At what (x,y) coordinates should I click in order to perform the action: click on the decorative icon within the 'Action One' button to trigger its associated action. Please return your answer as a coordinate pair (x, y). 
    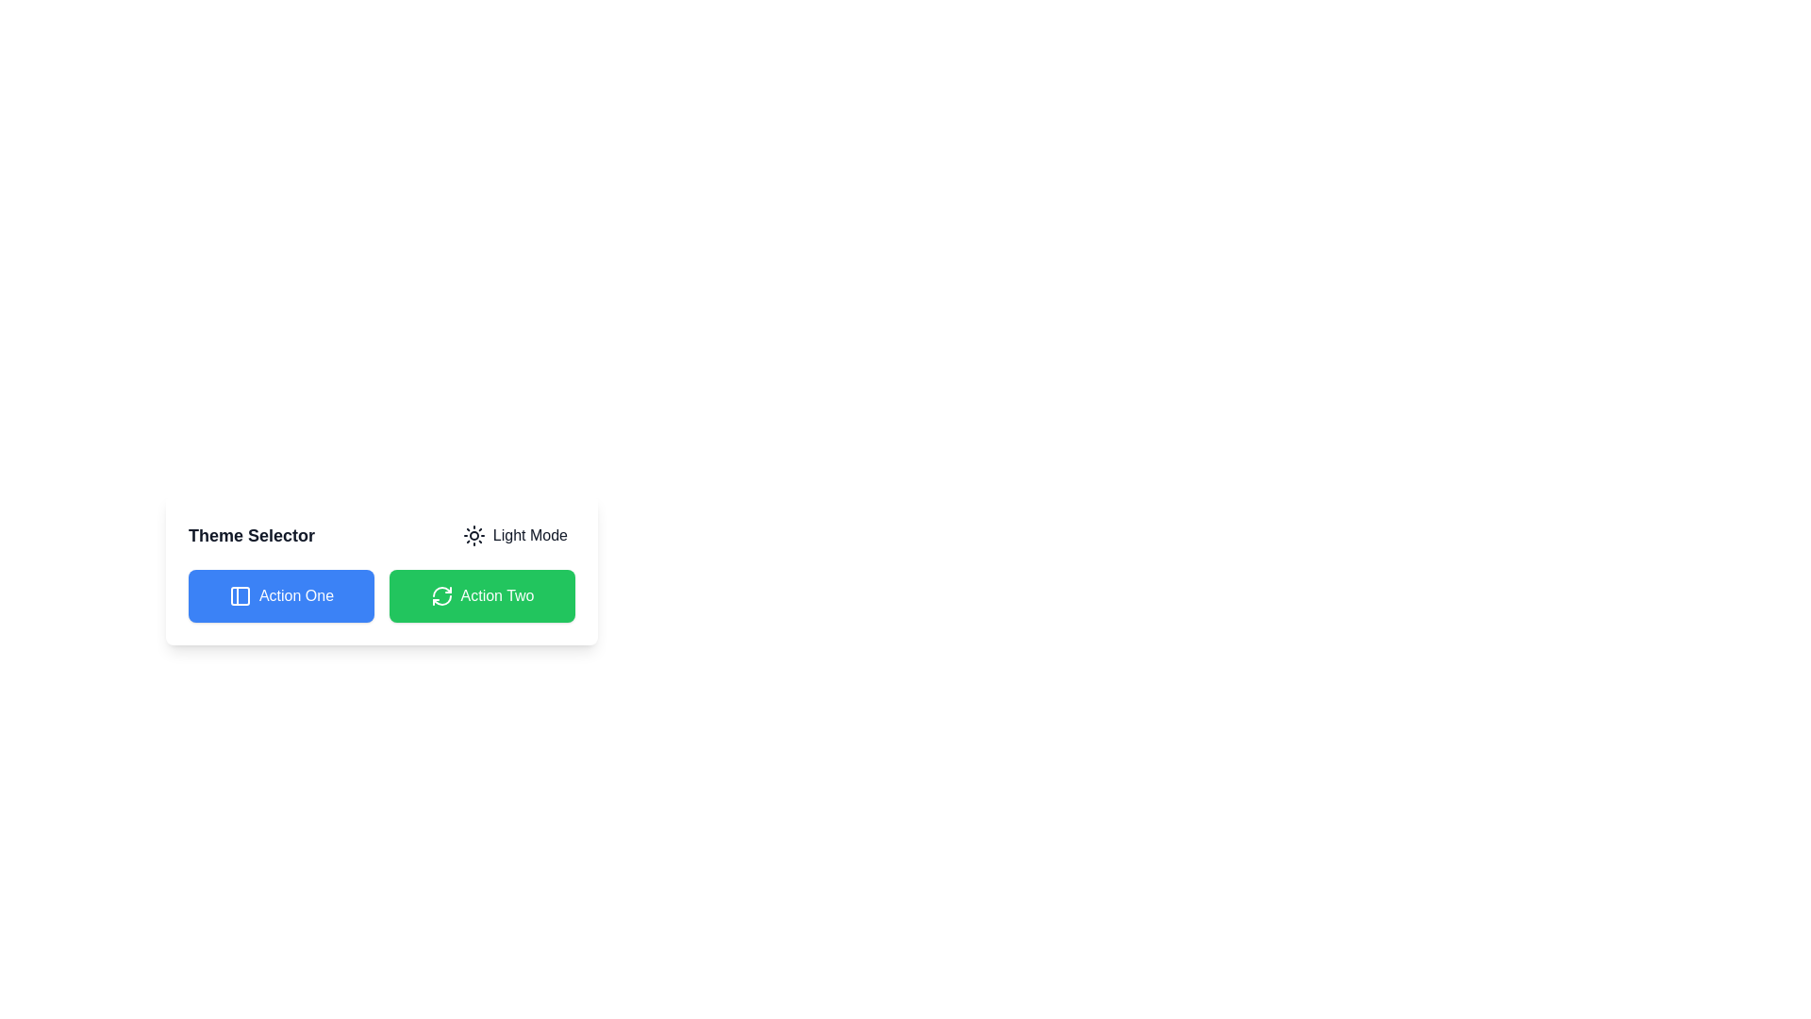
    Looking at the image, I should click on (239, 596).